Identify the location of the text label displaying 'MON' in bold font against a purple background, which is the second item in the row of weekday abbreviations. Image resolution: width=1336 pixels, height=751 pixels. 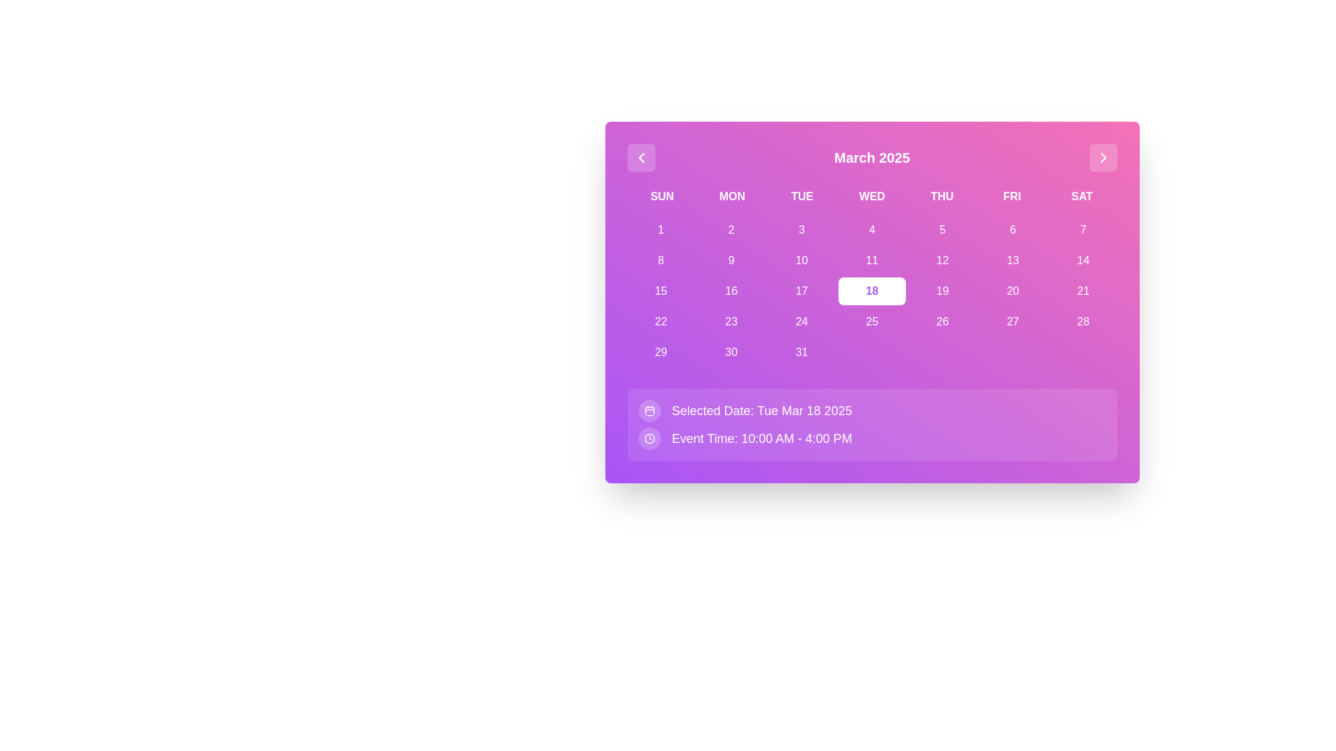
(731, 196).